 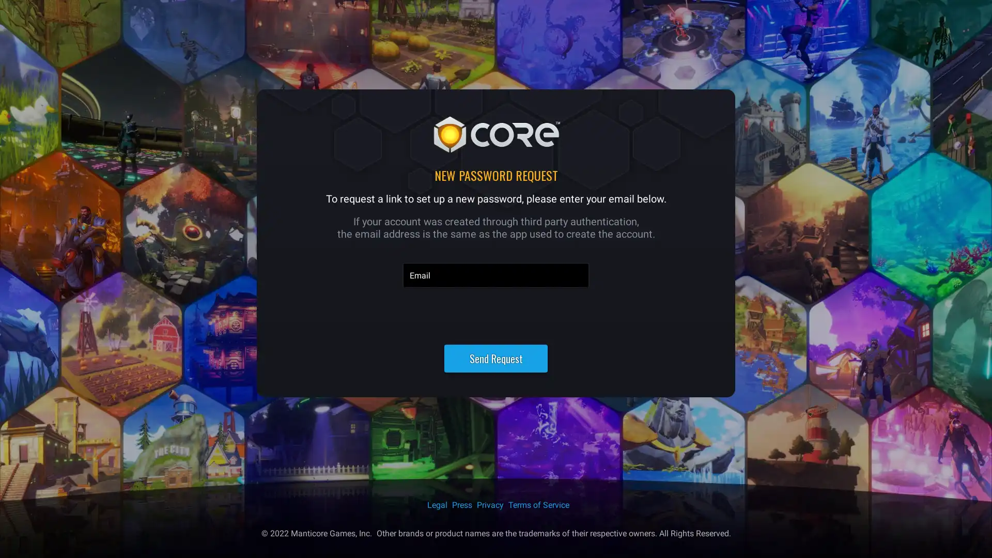 I want to click on Send Request, so click(x=496, y=358).